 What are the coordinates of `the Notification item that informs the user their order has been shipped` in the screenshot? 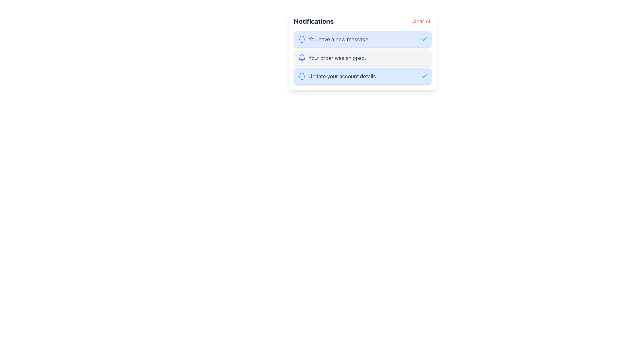 It's located at (362, 50).